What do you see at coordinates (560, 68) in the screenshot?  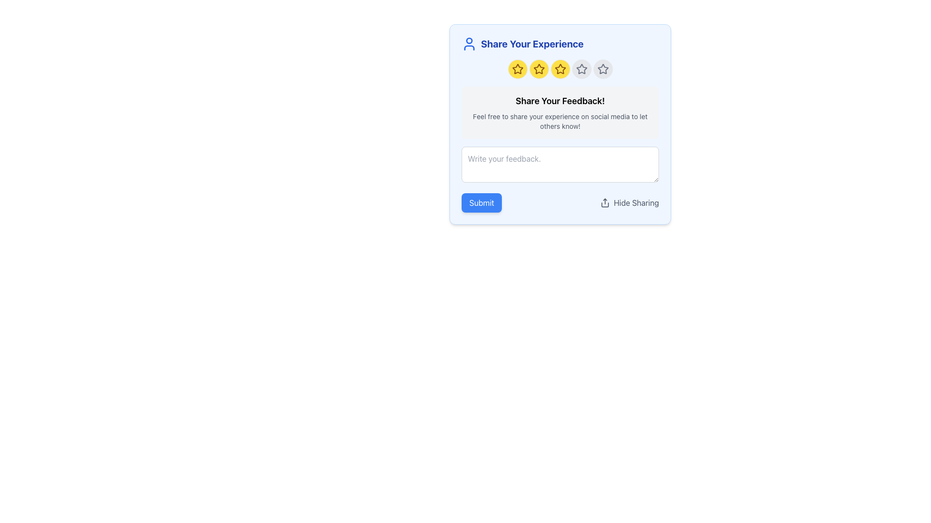 I see `the third star rating button in the 5-star rating scale` at bounding box center [560, 68].